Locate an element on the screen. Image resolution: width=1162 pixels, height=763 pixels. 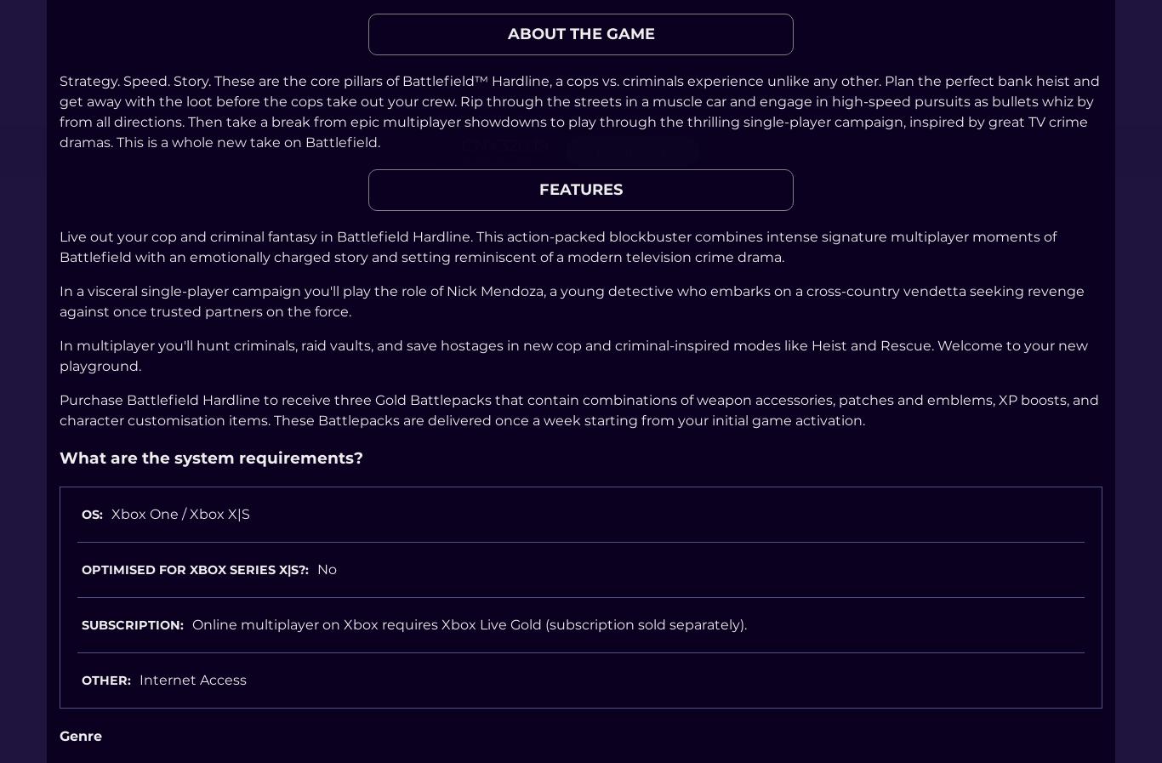
'CN¥320.19' is located at coordinates (504, 143).